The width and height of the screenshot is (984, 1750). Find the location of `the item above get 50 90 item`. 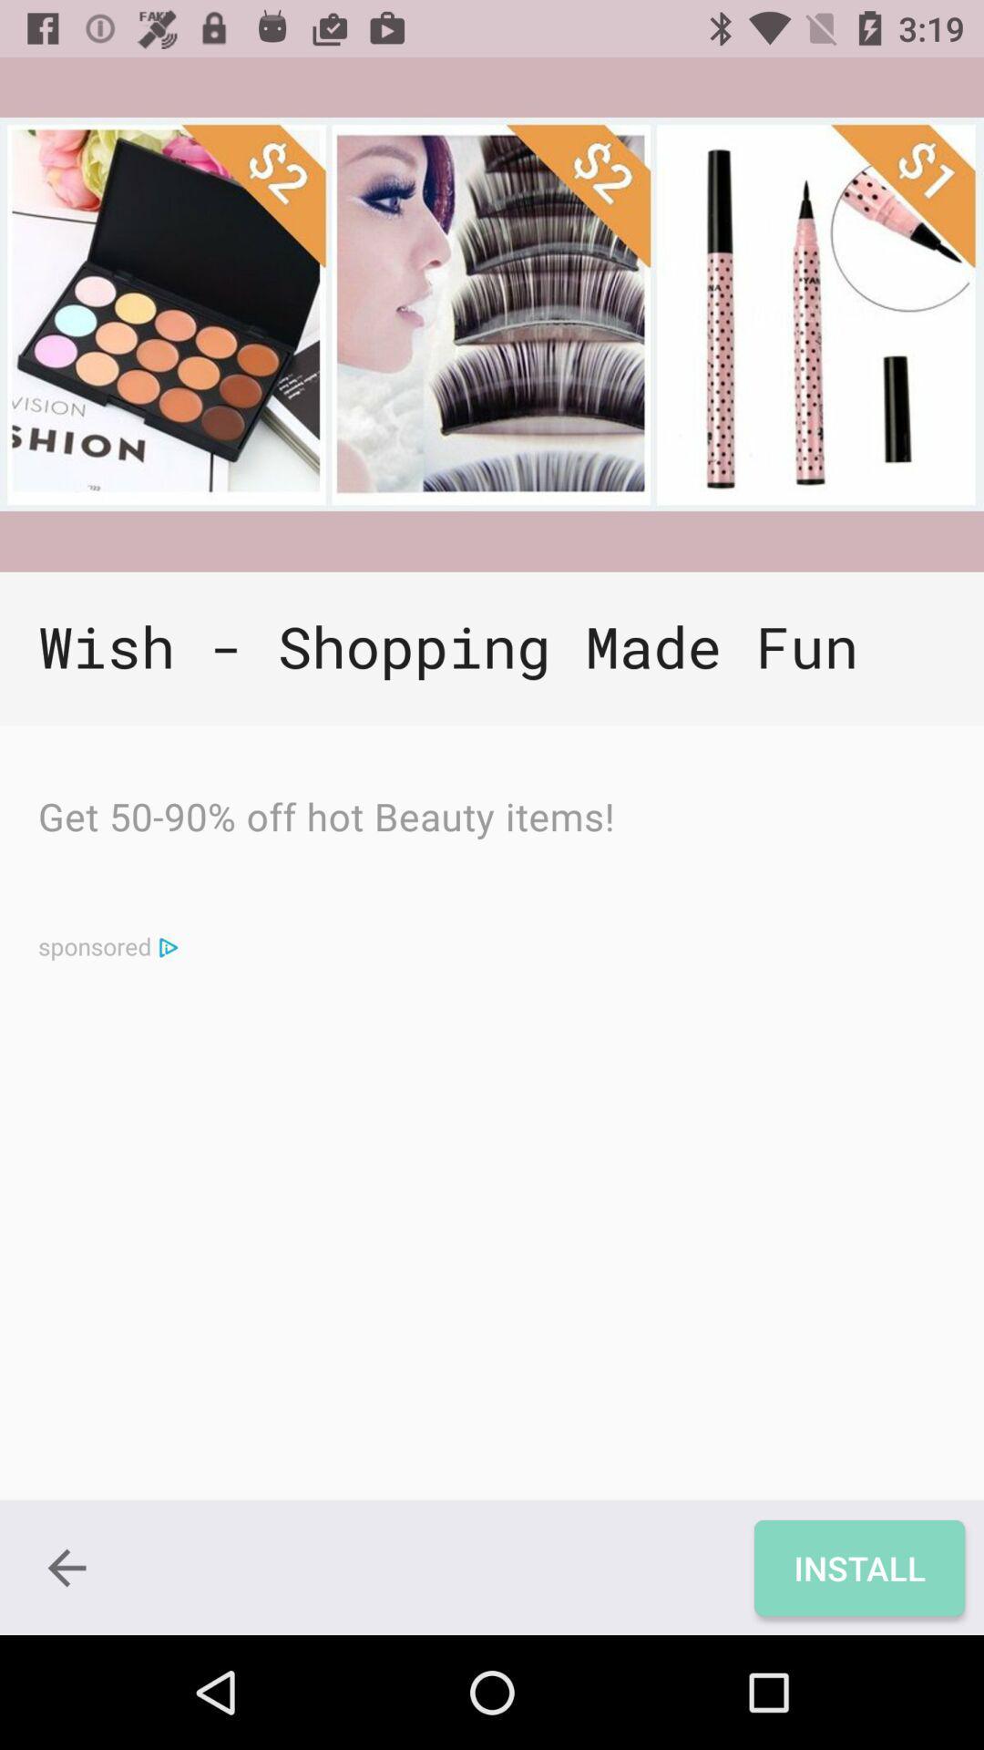

the item above get 50 90 item is located at coordinates (492, 649).